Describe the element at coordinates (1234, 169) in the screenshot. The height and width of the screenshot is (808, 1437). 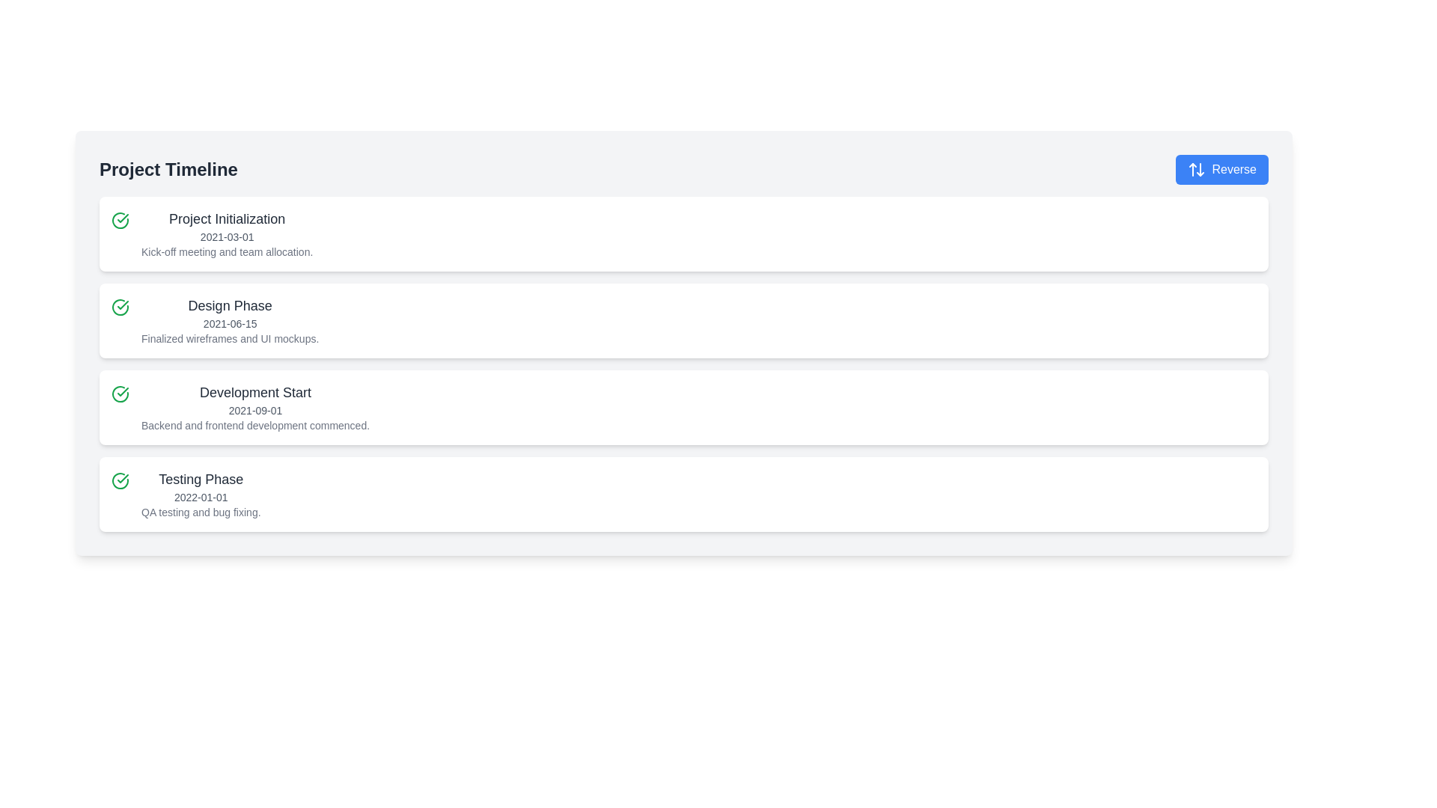
I see `the 'Reverse' button located in the top-right corner of the interface` at that location.